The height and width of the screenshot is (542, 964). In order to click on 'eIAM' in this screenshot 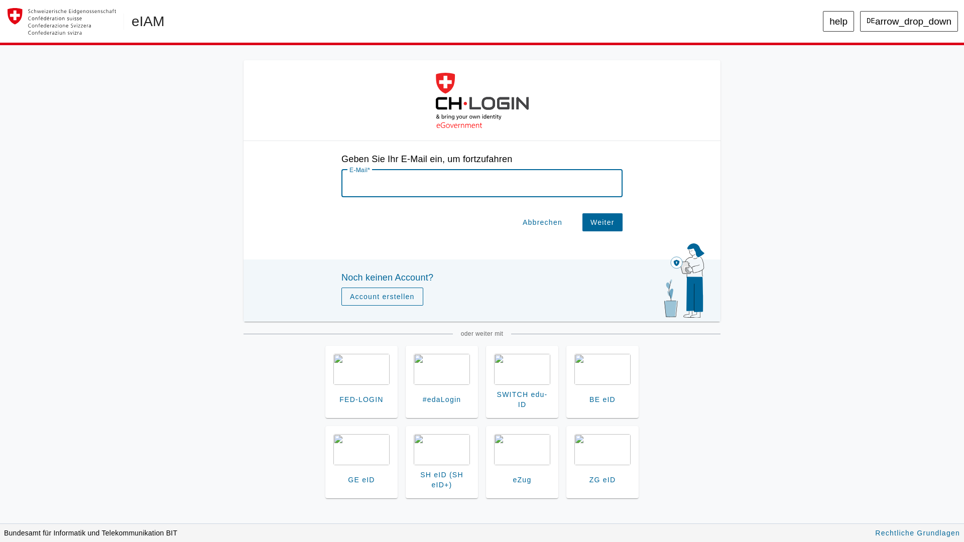, I will do `click(131, 21)`.